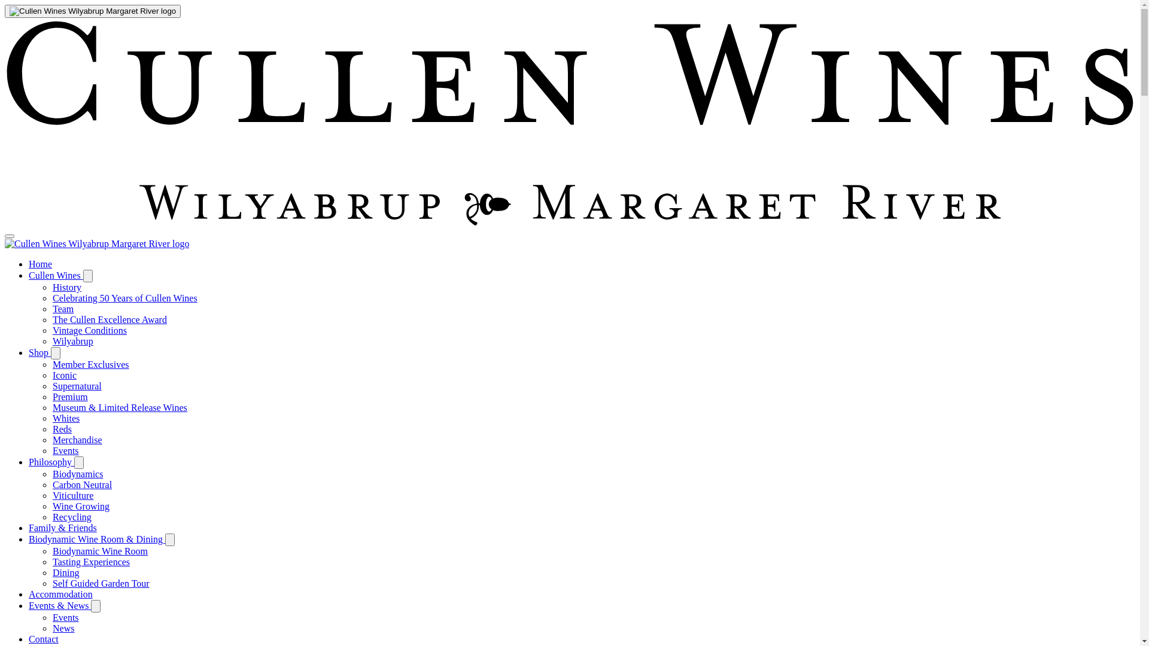  What do you see at coordinates (125, 297) in the screenshot?
I see `'Celebrating 50 Years of Cullen Wines'` at bounding box center [125, 297].